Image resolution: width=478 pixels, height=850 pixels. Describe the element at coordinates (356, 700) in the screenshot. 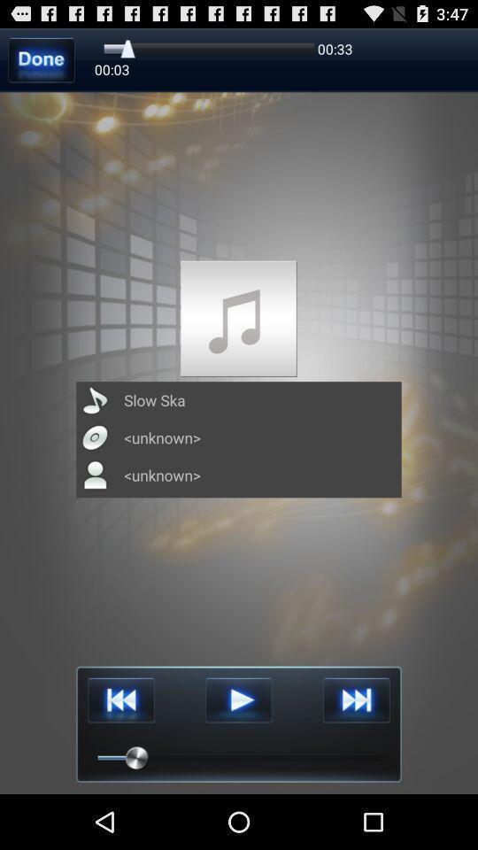

I see `go next track` at that location.